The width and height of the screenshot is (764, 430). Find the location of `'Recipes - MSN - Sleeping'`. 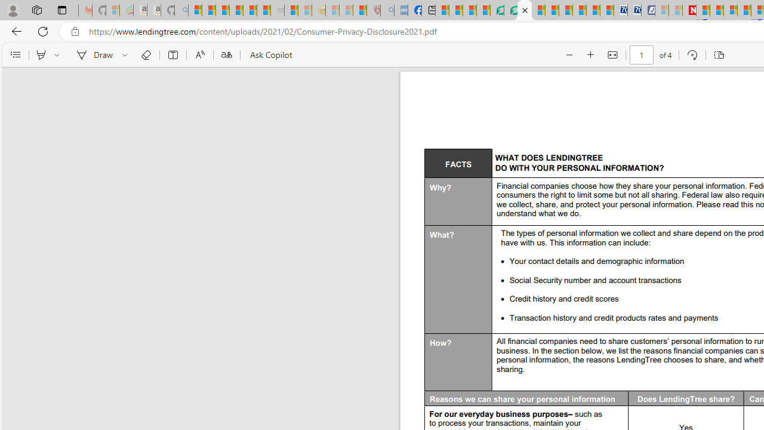

'Recipes - MSN - Sleeping' is located at coordinates (332, 10).